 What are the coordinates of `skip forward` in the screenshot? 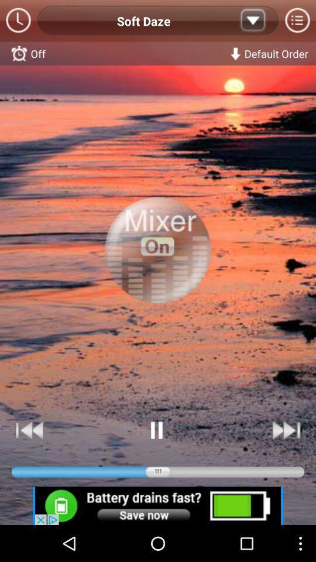 It's located at (285, 430).